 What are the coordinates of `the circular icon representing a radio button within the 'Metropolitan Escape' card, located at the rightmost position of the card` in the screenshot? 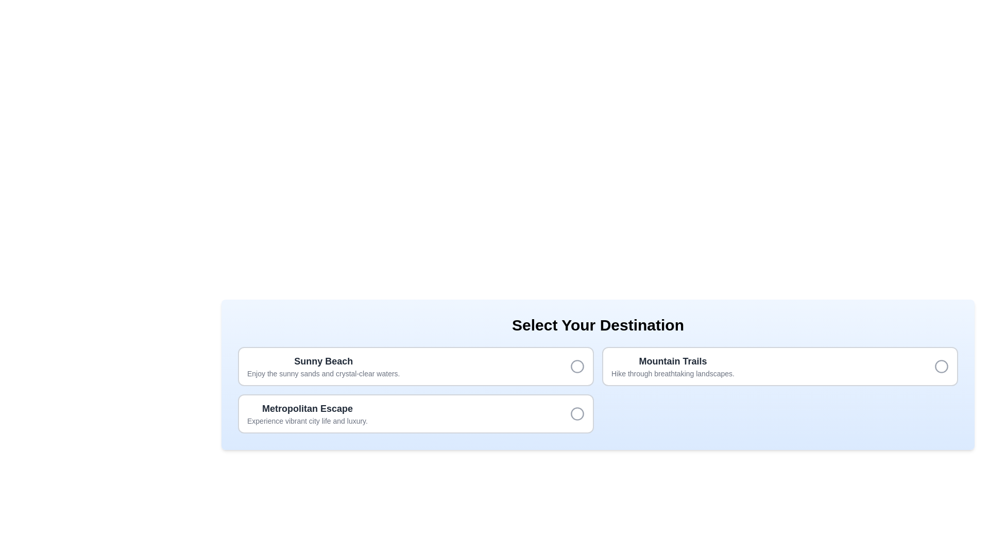 It's located at (577, 413).